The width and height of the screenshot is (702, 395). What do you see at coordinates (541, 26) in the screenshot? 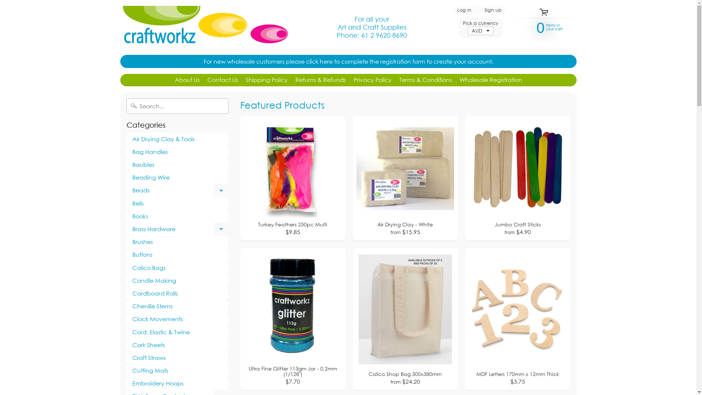
I see `'0` at bounding box center [541, 26].